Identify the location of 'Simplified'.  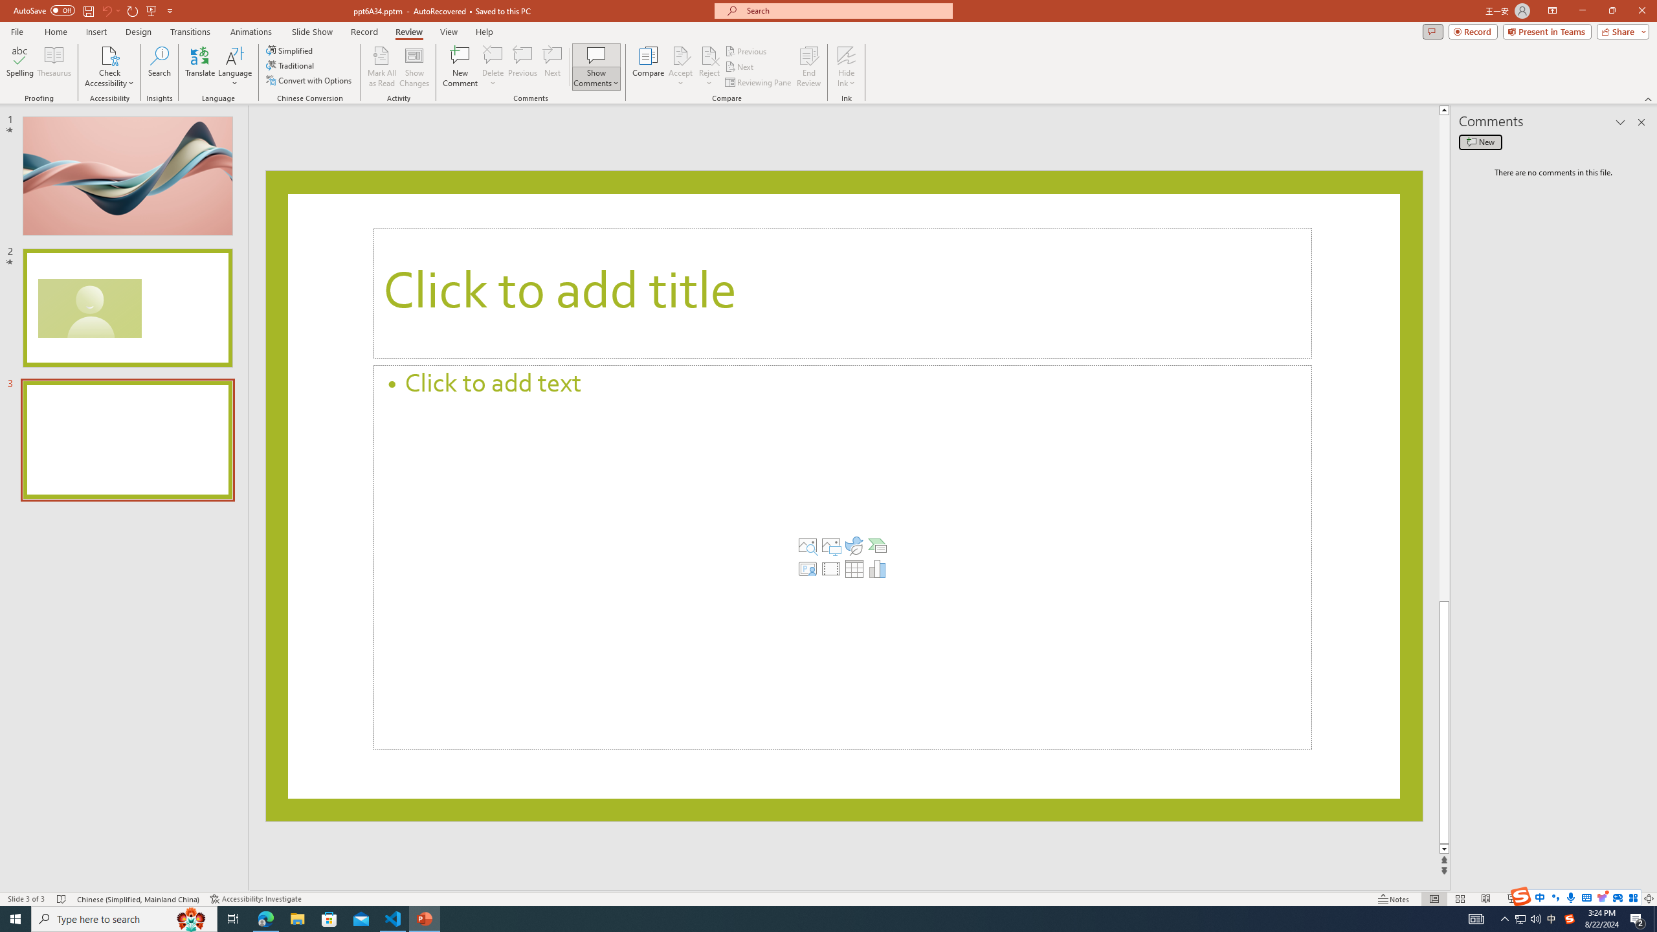
(290, 50).